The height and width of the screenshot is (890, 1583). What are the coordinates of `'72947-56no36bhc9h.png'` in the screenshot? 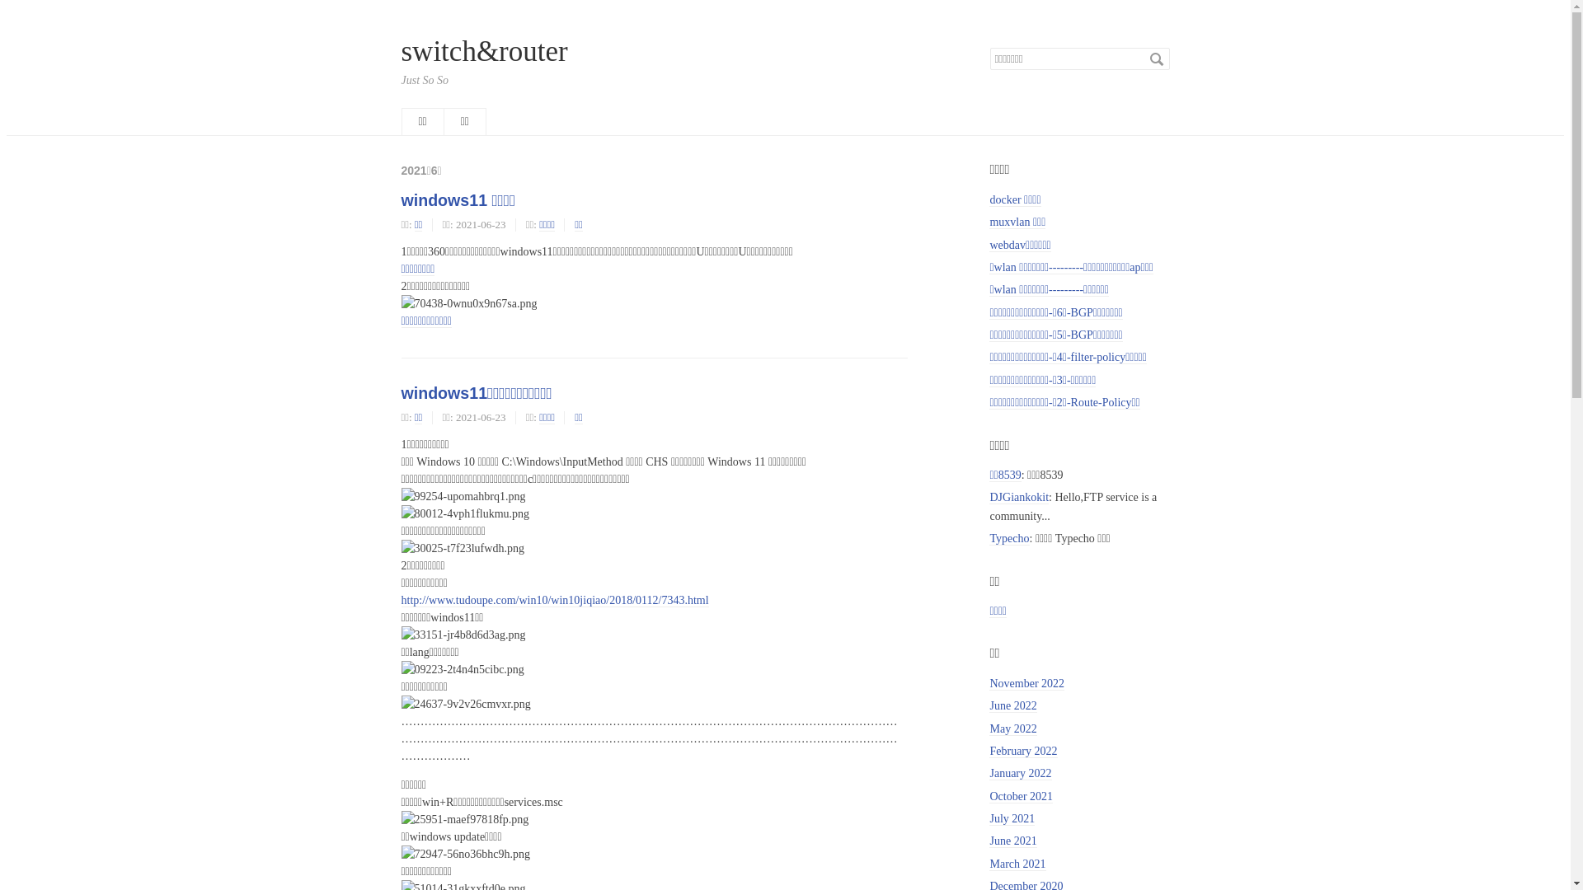 It's located at (463, 853).